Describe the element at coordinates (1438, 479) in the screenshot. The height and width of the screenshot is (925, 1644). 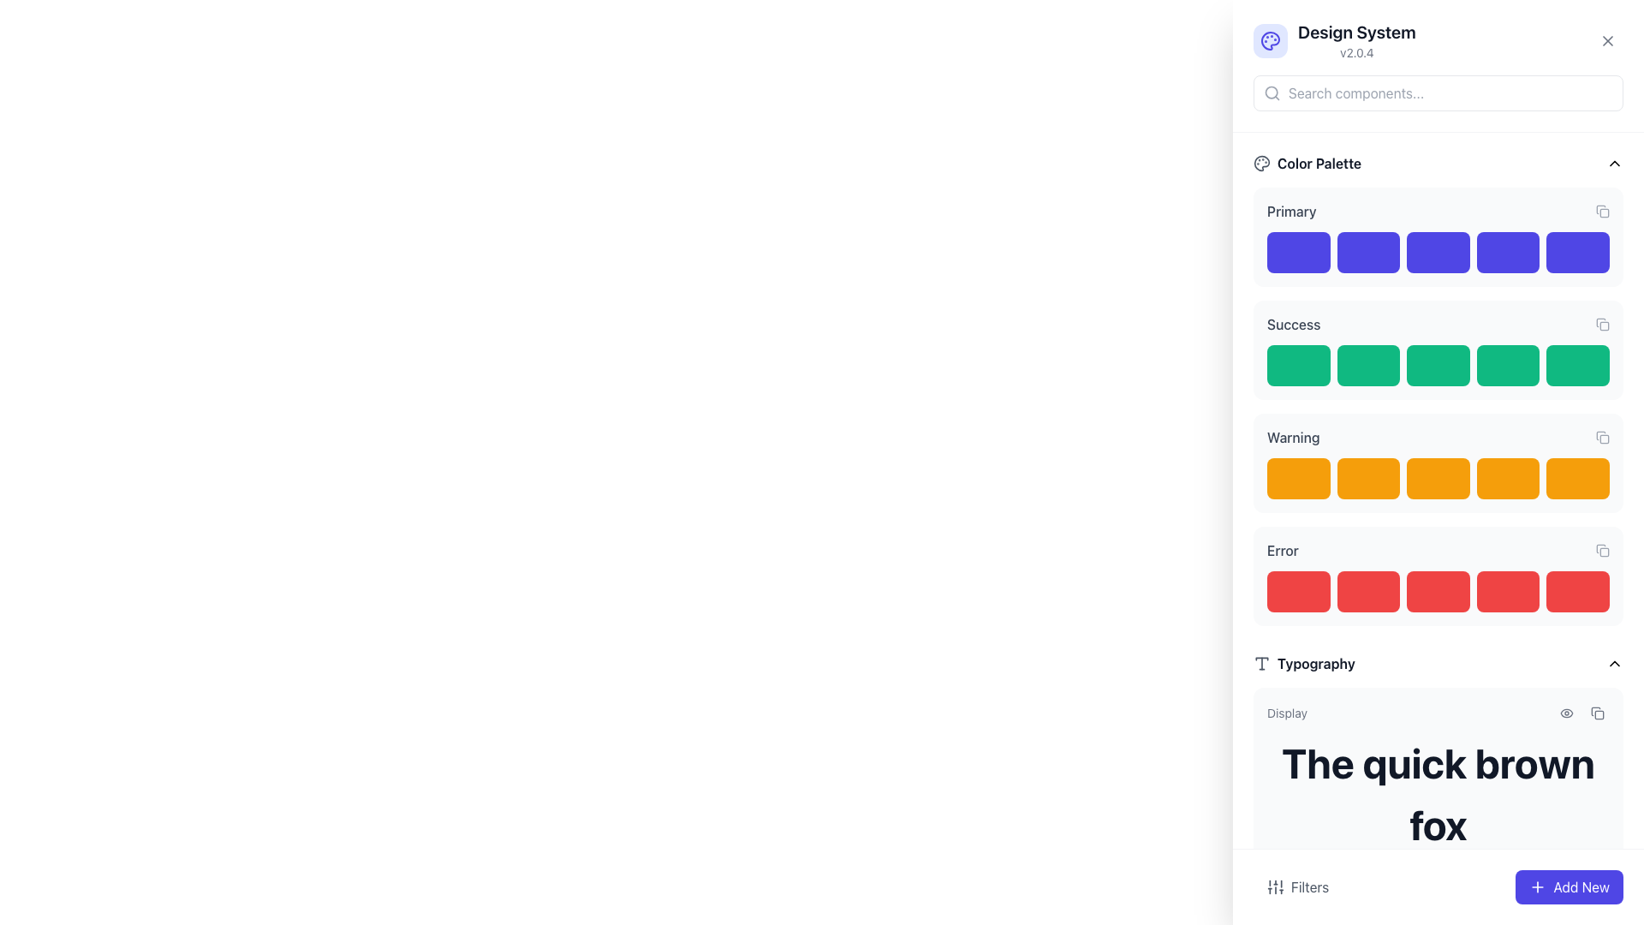
I see `the third vibrant orange color swatch in the Warning section of the Color Palette component, which has rounded corners and is positioned centrally among five blocks` at that location.